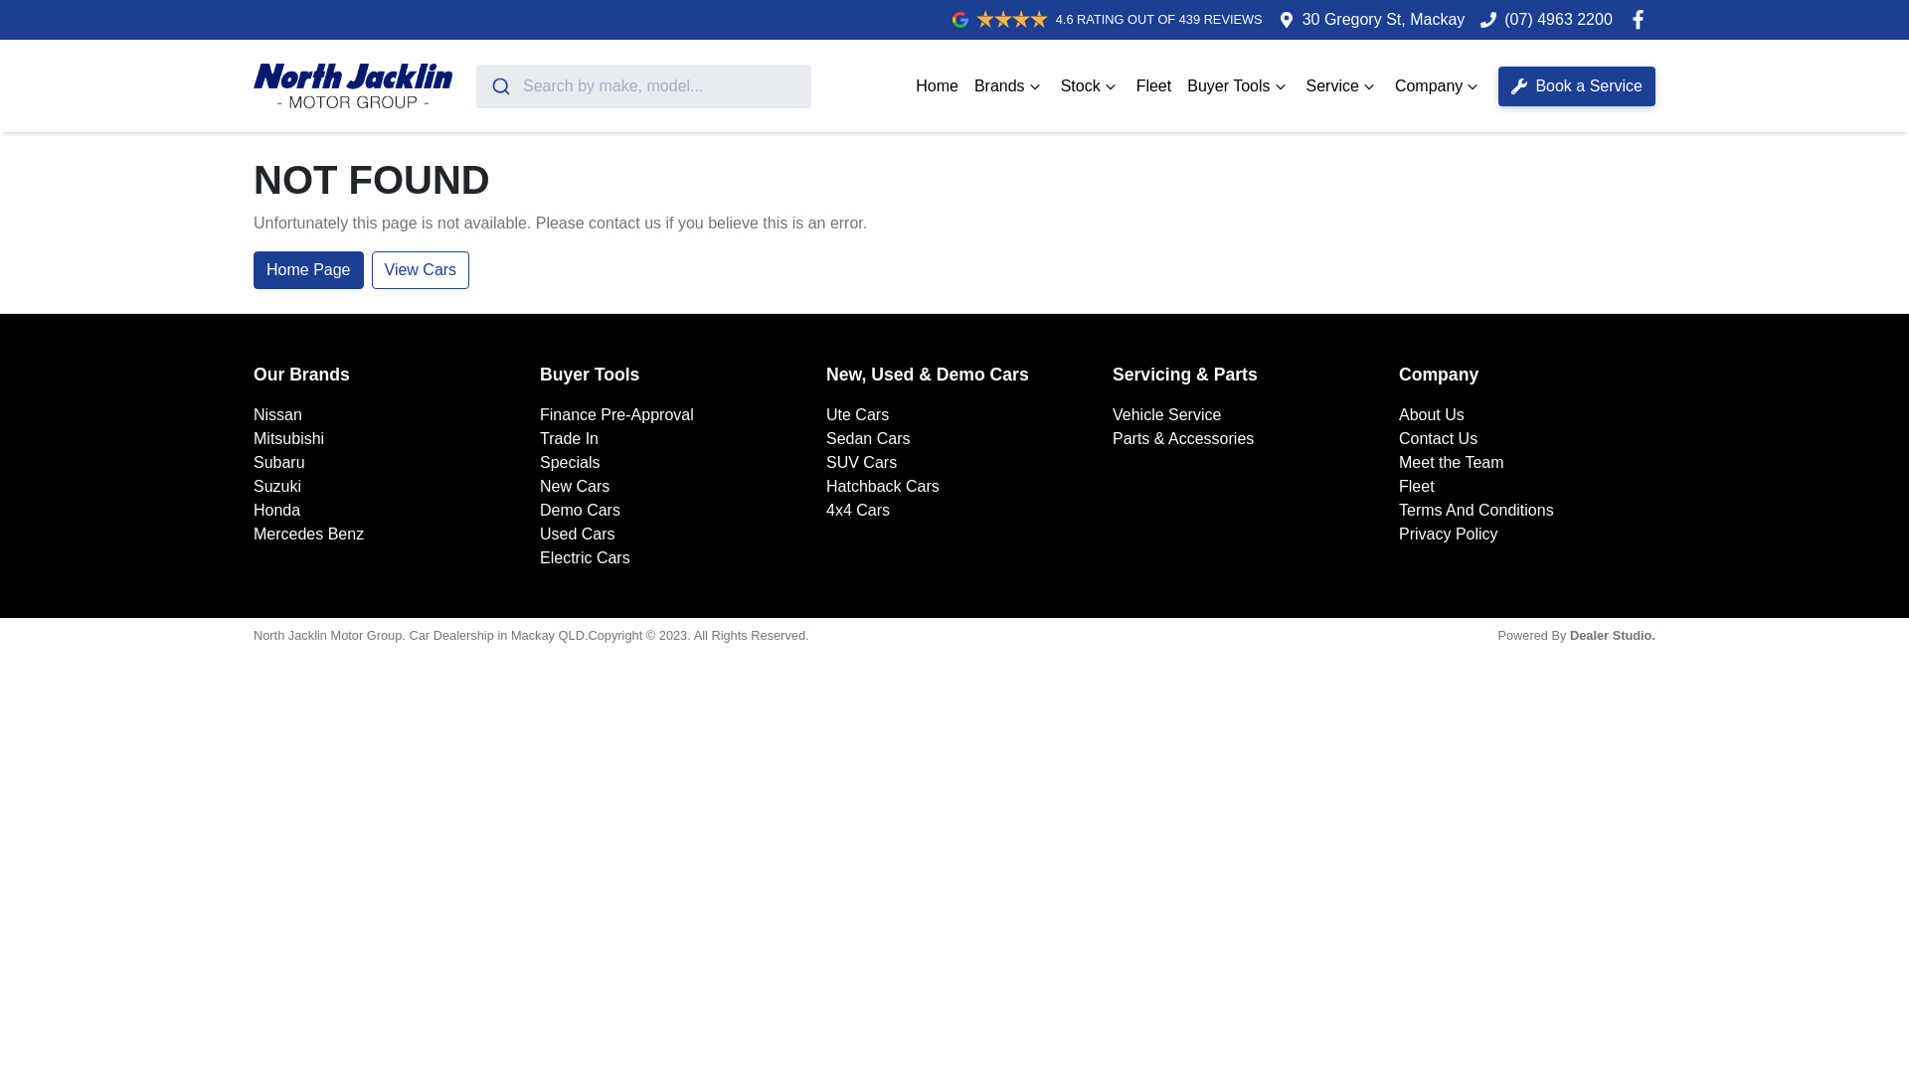 Image resolution: width=1909 pixels, height=1073 pixels. I want to click on 'Electric Cars', so click(539, 557).